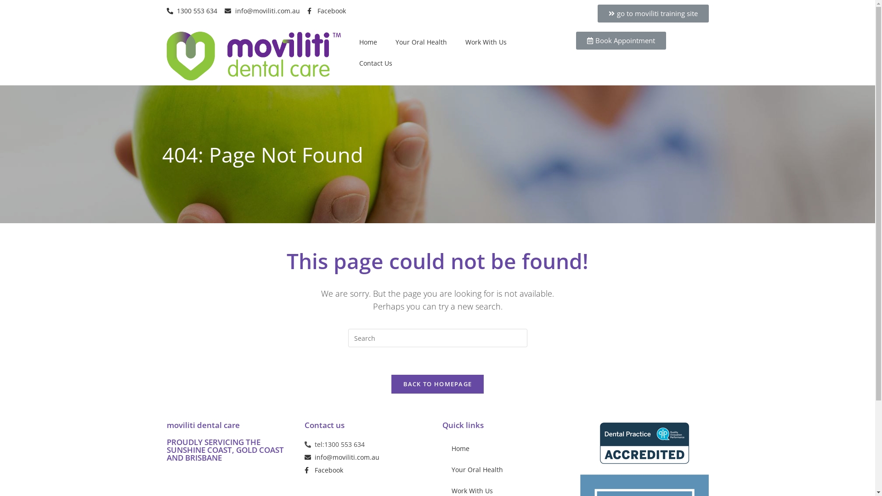  What do you see at coordinates (652, 13) in the screenshot?
I see `'go to moviliti training site'` at bounding box center [652, 13].